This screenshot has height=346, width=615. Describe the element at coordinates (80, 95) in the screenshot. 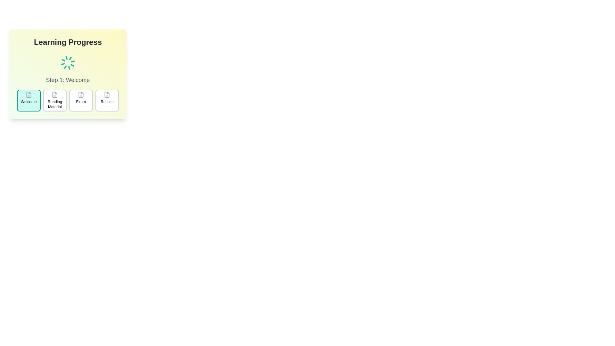

I see `the main body of the document icon associated with the 'Exam' option, which is styled in gray and located near the 'Exam' label` at that location.